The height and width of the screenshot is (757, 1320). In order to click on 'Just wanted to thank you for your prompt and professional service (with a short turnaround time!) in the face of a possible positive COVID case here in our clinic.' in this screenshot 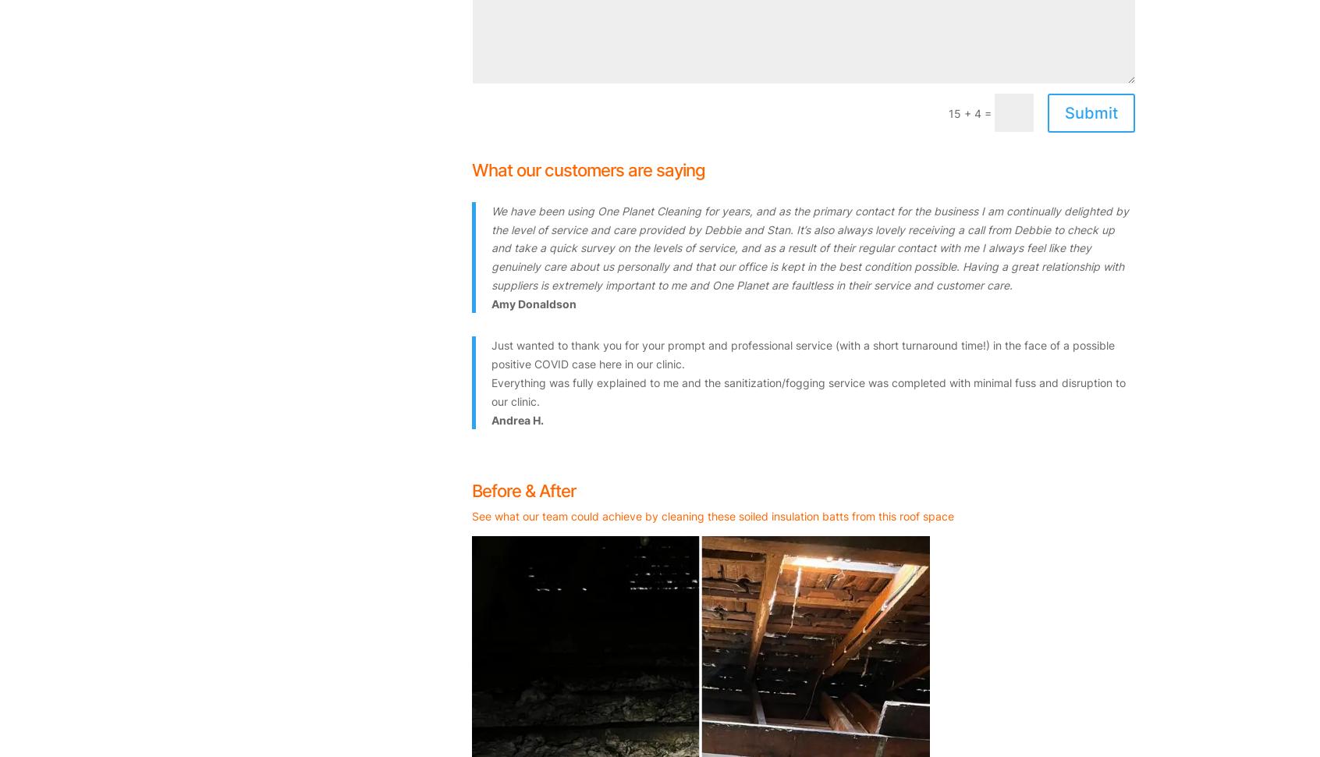, I will do `click(802, 354)`.